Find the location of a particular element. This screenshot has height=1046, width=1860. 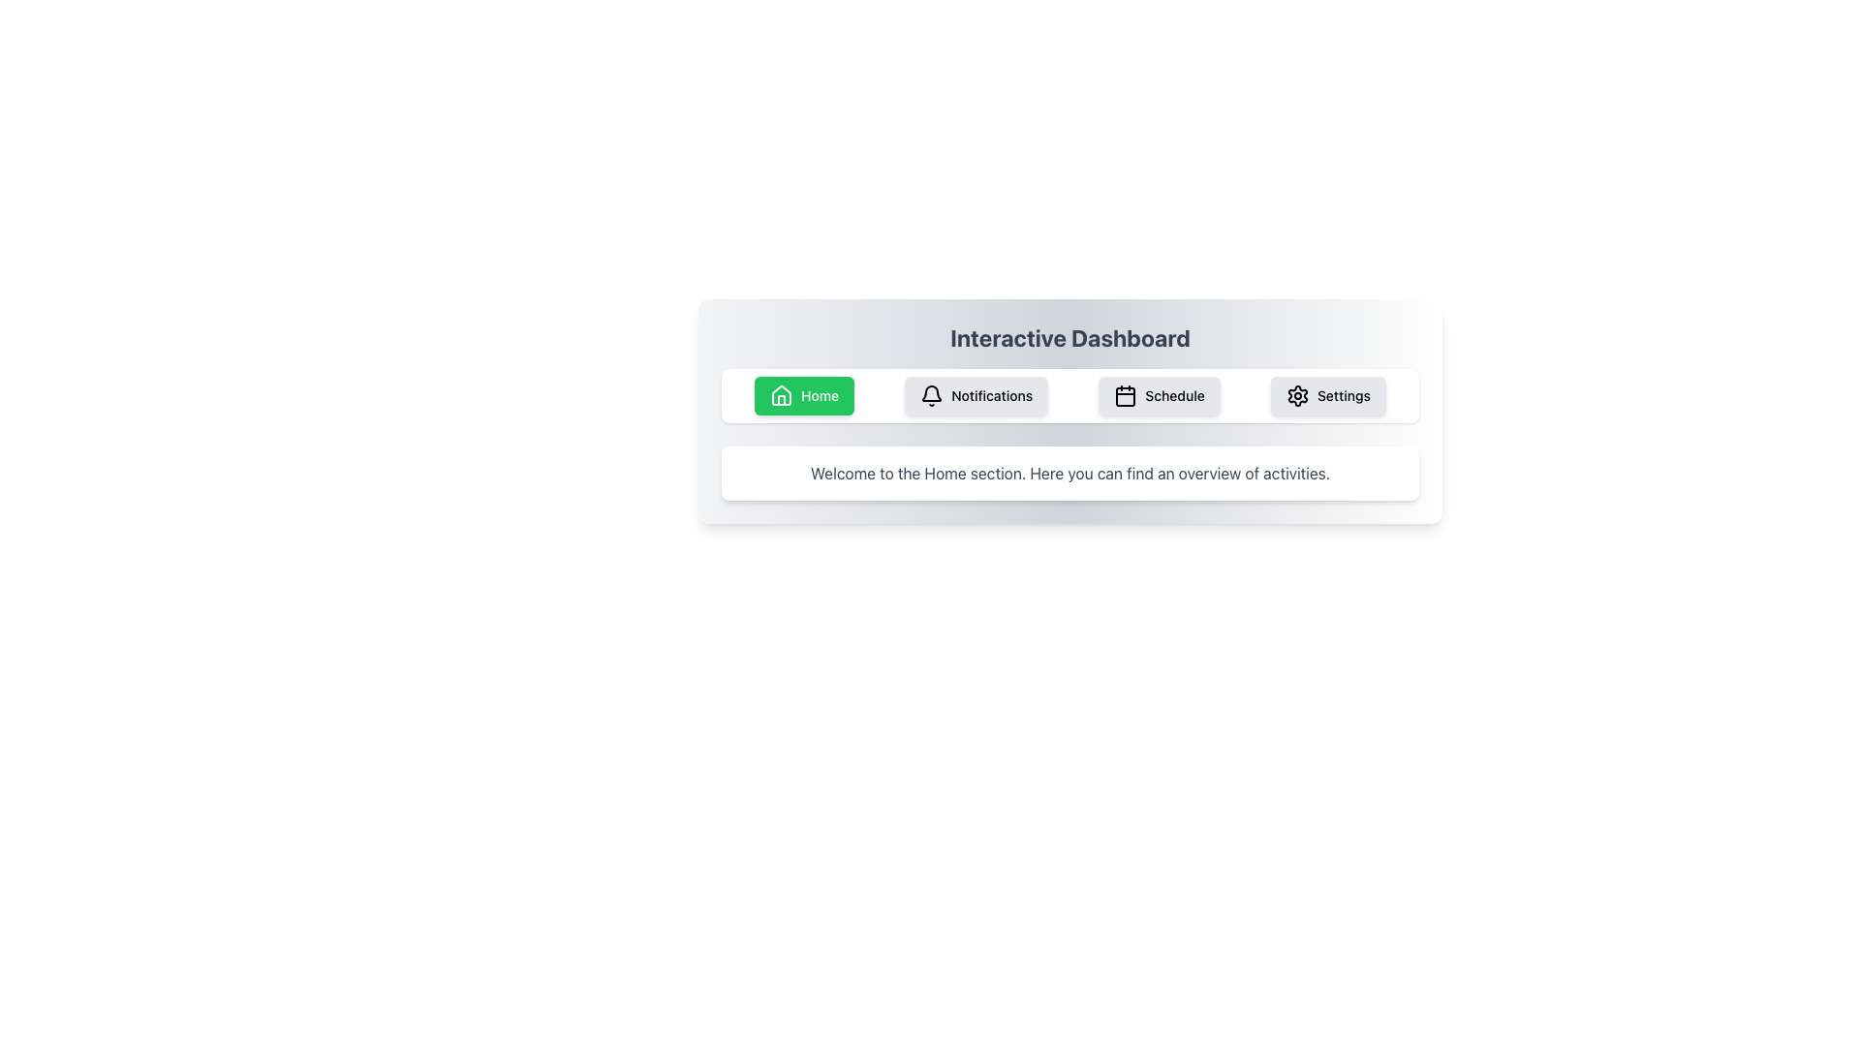

the calendar icon within the 'Schedule' button group, which is the third button in the horizontal navigation menu under 'Interactive Dashboard' is located at coordinates (1126, 394).